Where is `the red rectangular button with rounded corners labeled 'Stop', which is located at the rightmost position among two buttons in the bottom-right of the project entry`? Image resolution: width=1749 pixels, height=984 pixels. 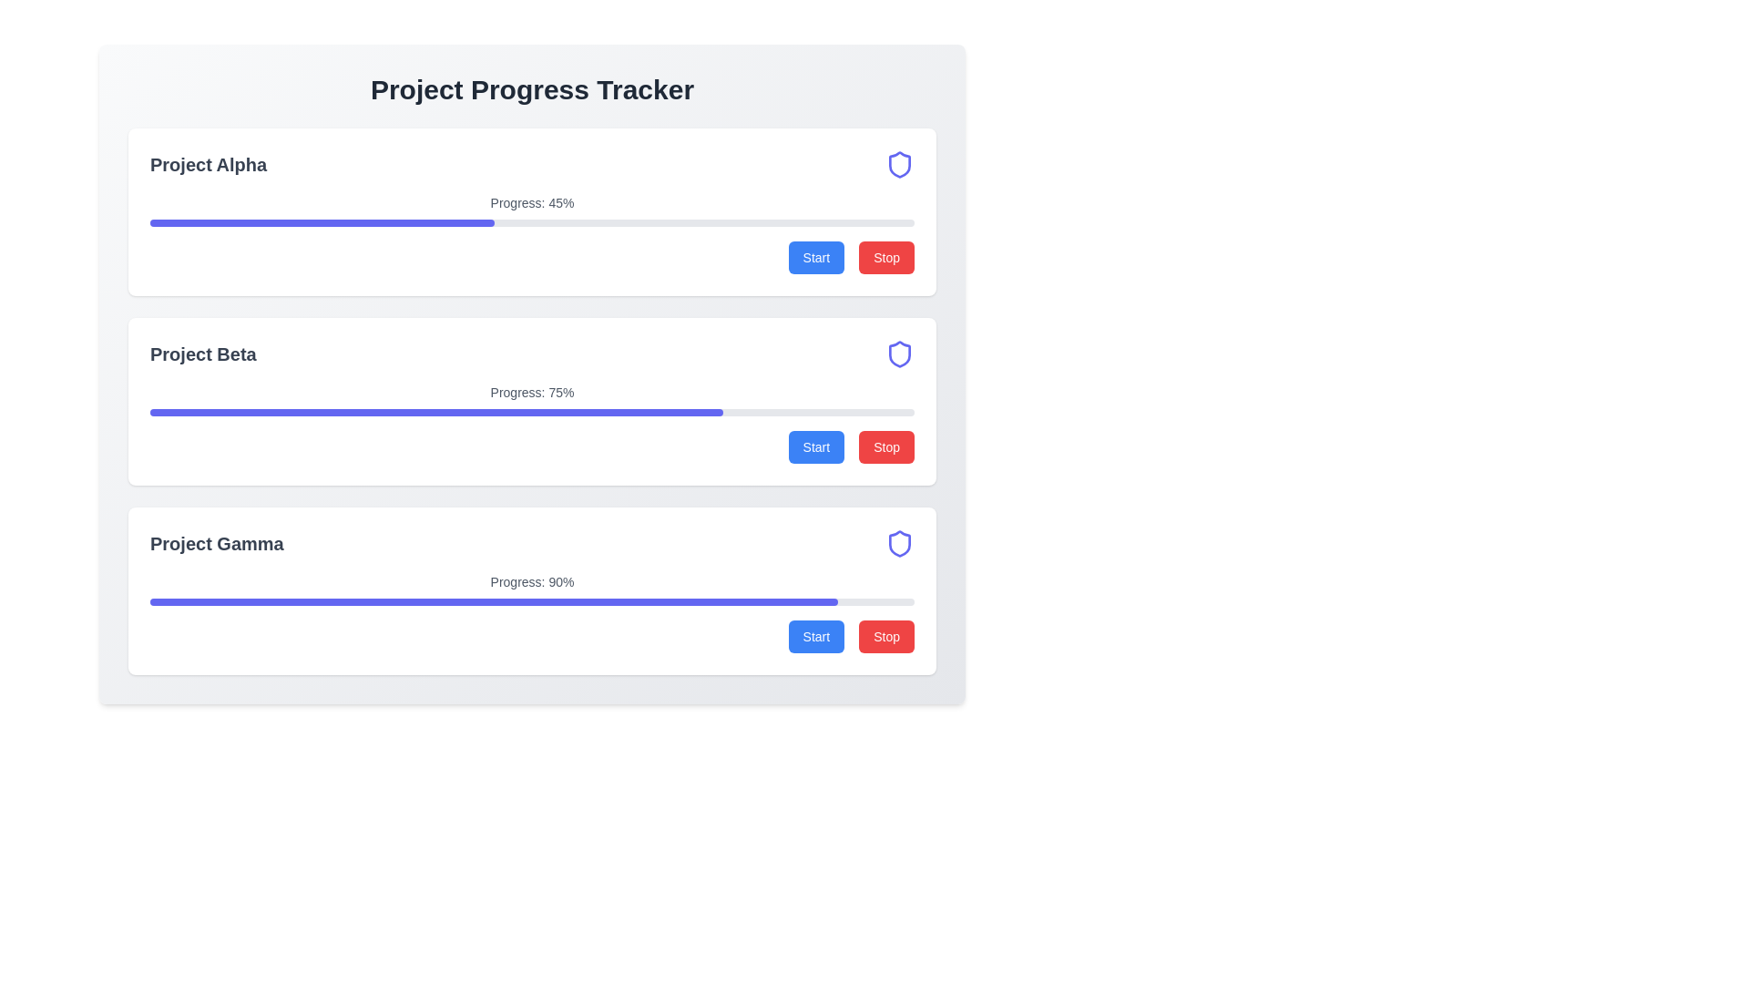 the red rectangular button with rounded corners labeled 'Stop', which is located at the rightmost position among two buttons in the bottom-right of the project entry is located at coordinates (886, 257).